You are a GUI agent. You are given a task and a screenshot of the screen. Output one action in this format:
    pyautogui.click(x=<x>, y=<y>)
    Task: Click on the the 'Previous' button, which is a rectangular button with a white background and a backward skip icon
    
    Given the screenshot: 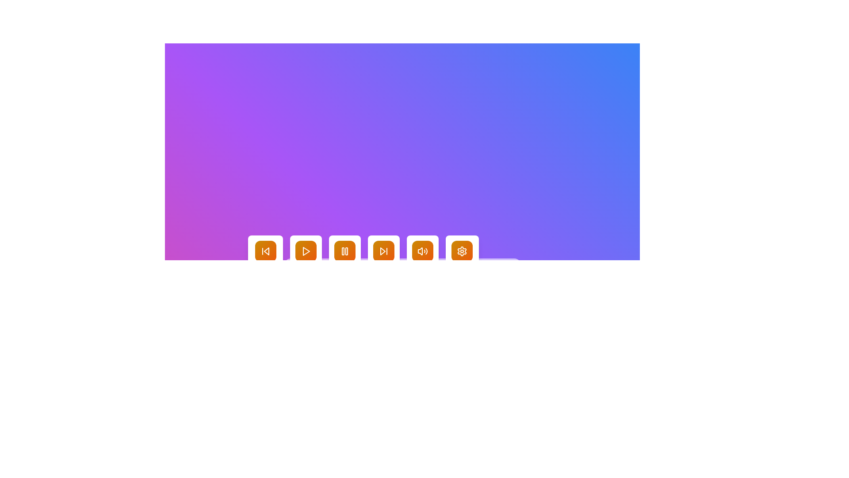 What is the action you would take?
    pyautogui.click(x=265, y=258)
    